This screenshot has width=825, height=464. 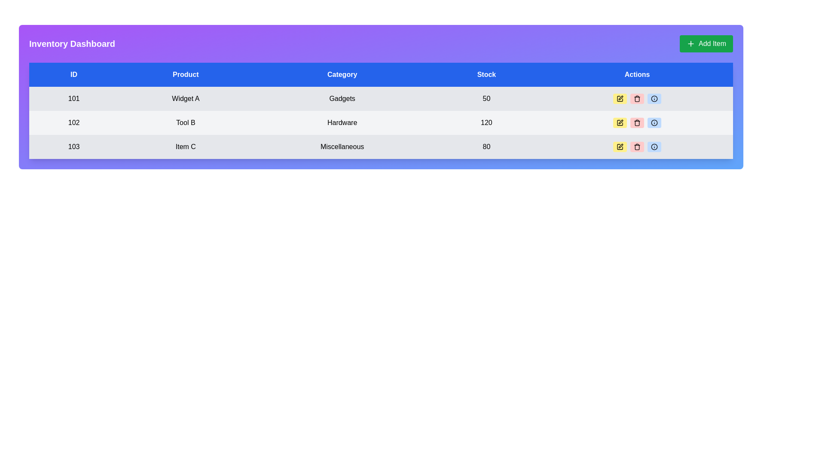 I want to click on the content of the static text field displaying the number '102', which is located in the 'ID' column of the second row under the header 'ID' for 'Tool B', so click(x=74, y=122).